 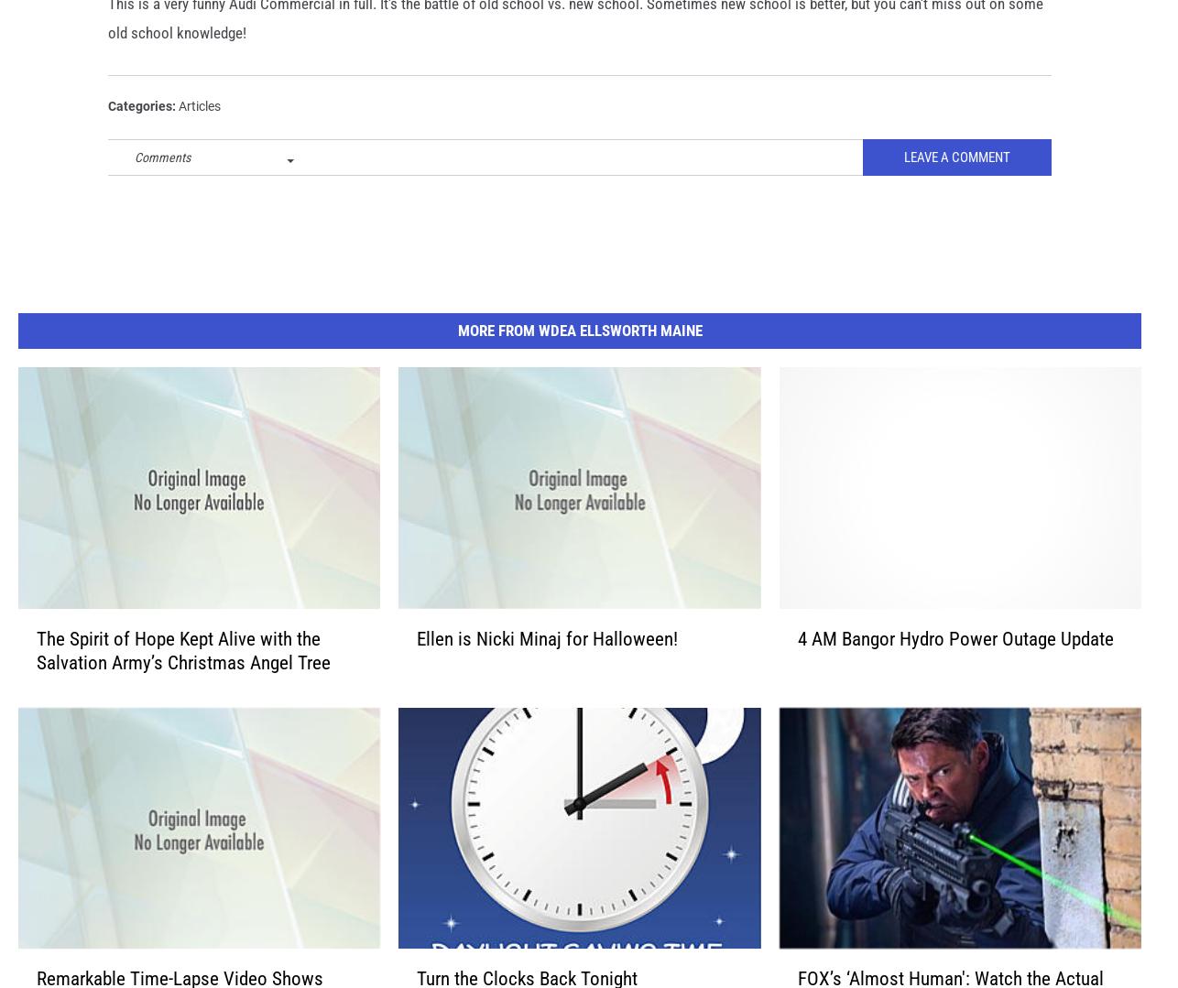 What do you see at coordinates (546, 666) in the screenshot?
I see `'Ellen is Nicki Minaj for Halloween!'` at bounding box center [546, 666].